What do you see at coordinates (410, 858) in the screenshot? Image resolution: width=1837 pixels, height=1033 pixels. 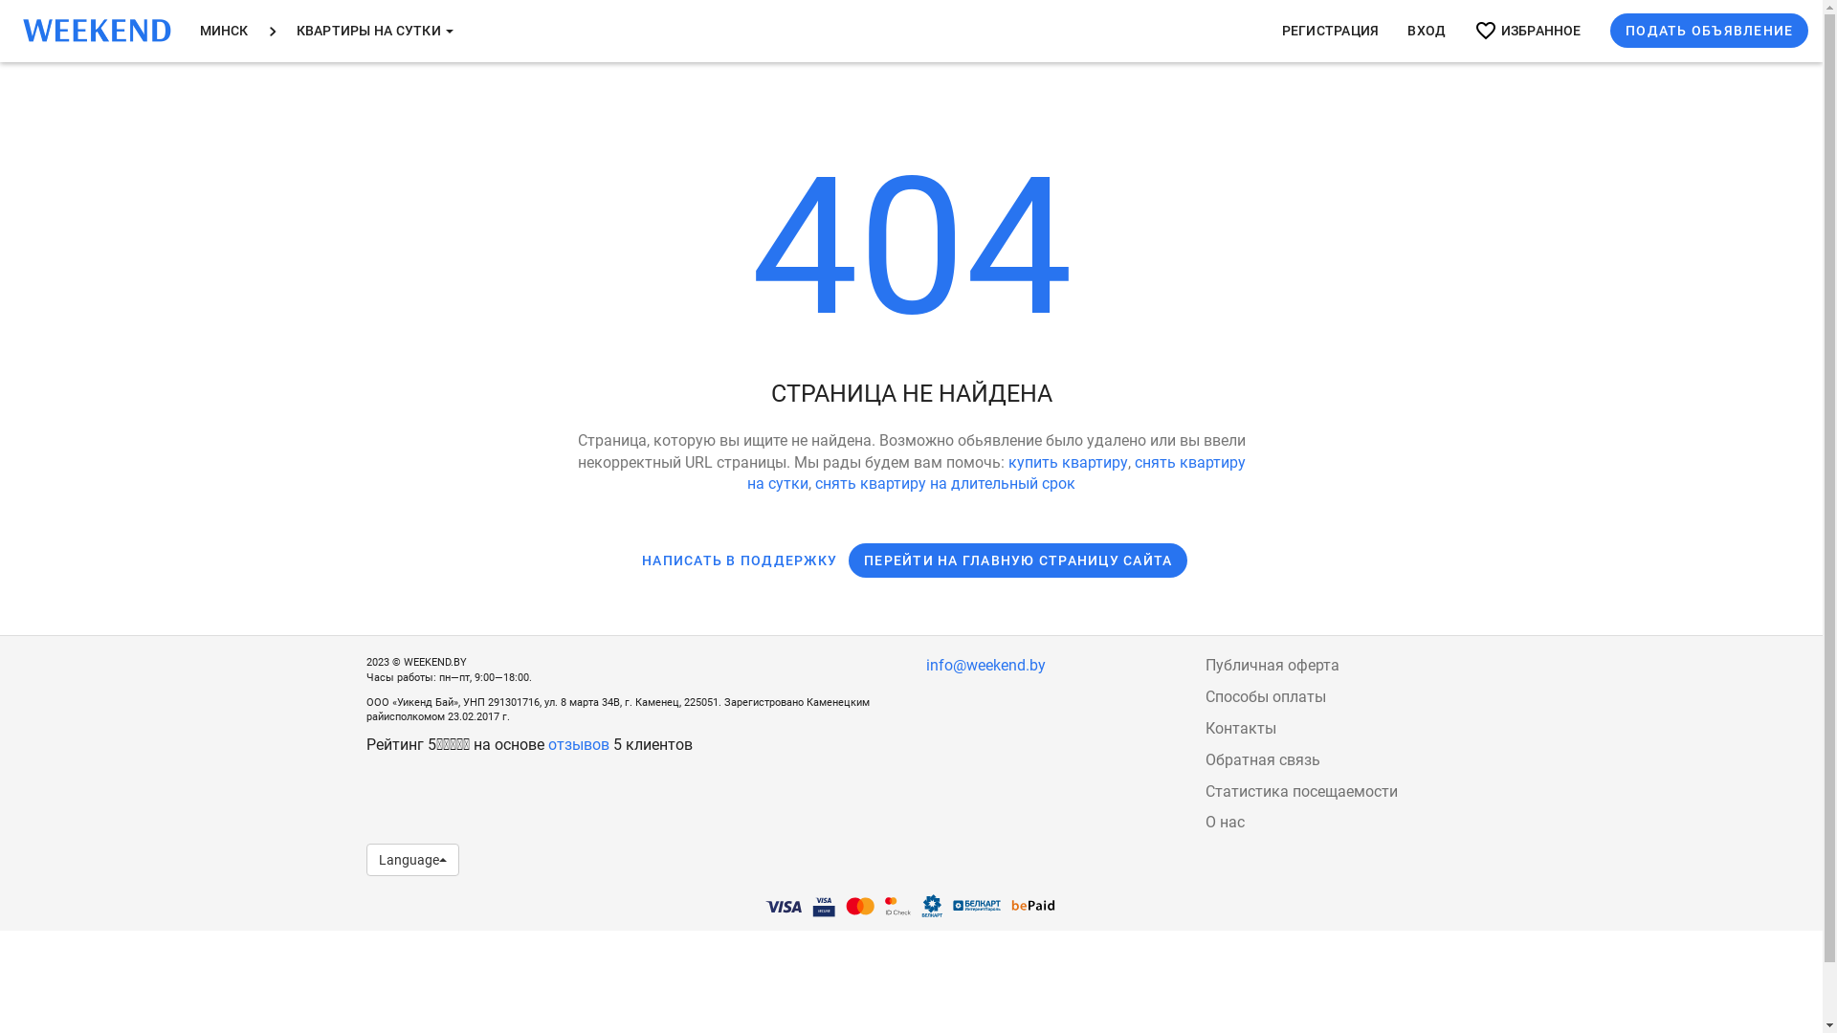 I see `'Language'` at bounding box center [410, 858].